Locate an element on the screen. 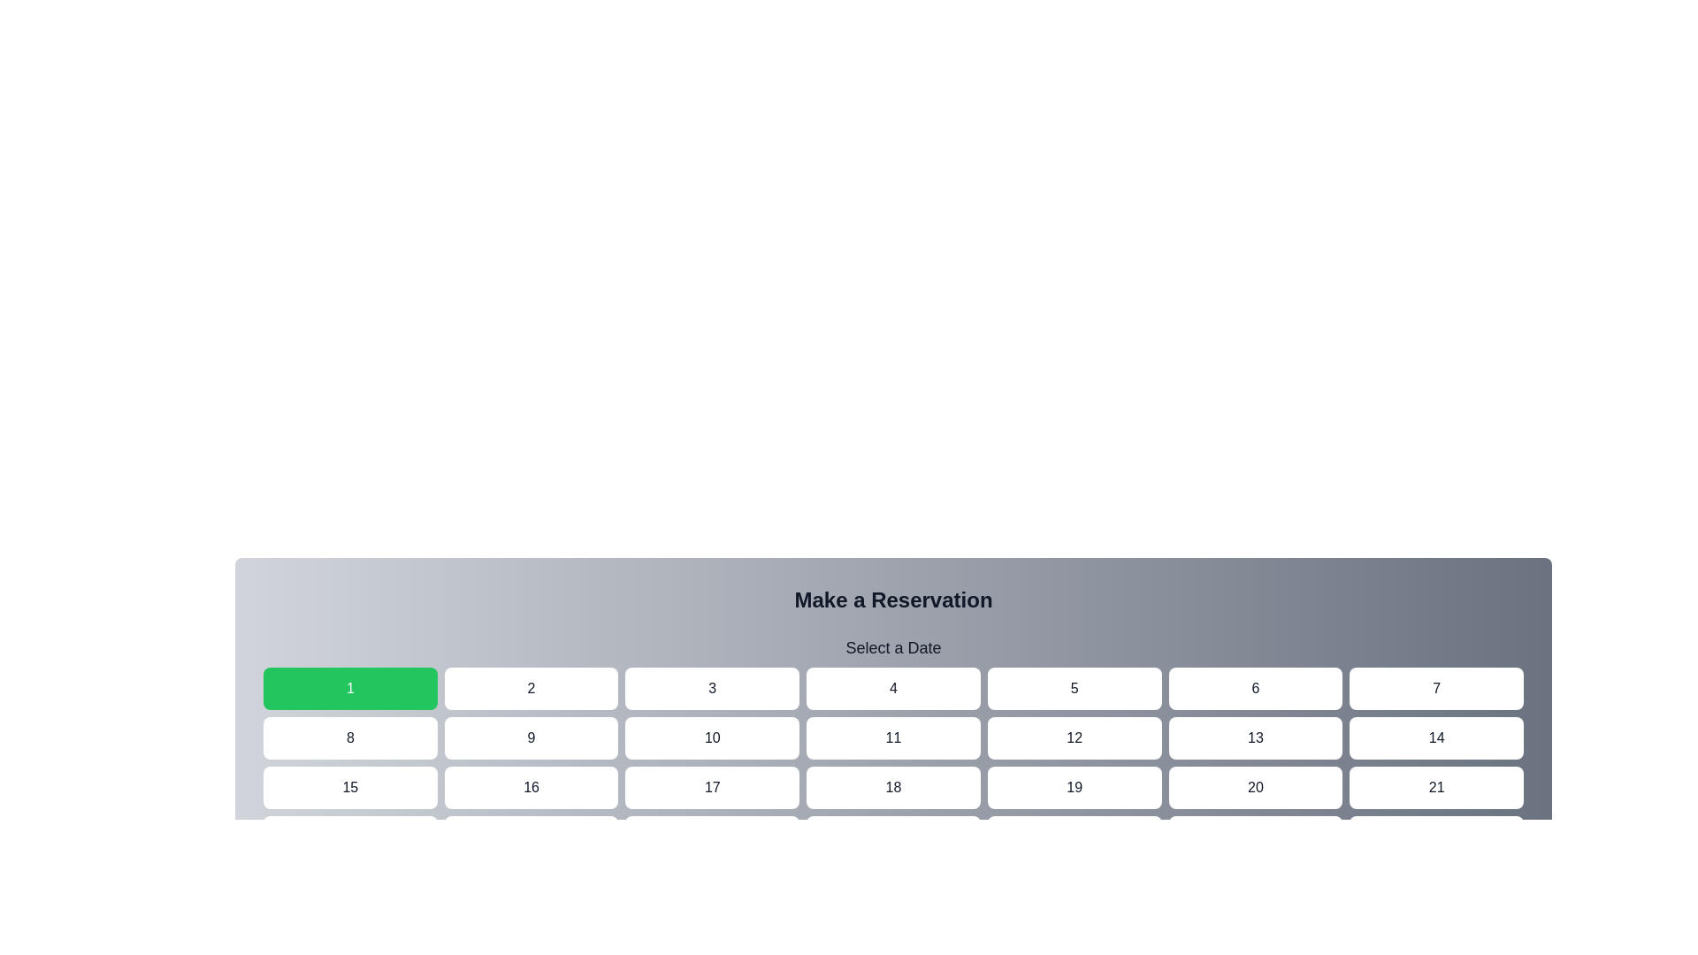  the button for selecting the 17th day is located at coordinates (712, 787).